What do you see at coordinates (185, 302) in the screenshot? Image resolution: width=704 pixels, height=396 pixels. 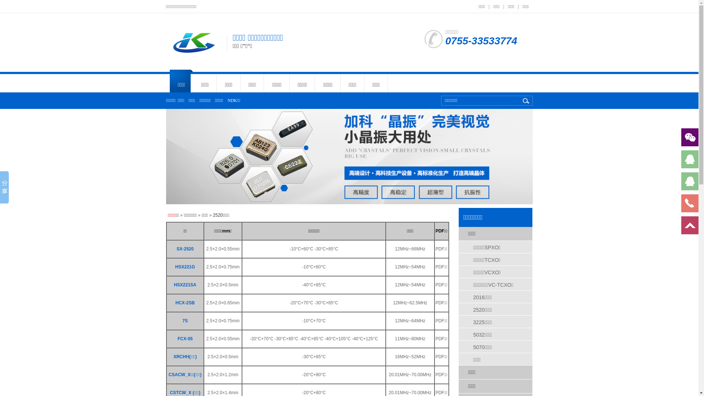 I see `'HCX-2SB'` at bounding box center [185, 302].